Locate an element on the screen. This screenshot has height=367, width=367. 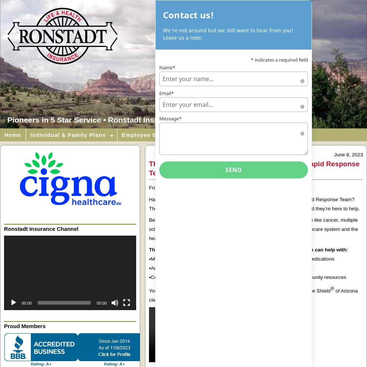
'Moving fast on pre-authorizations required for testing, procedures, and medications' is located at coordinates (150, 258).